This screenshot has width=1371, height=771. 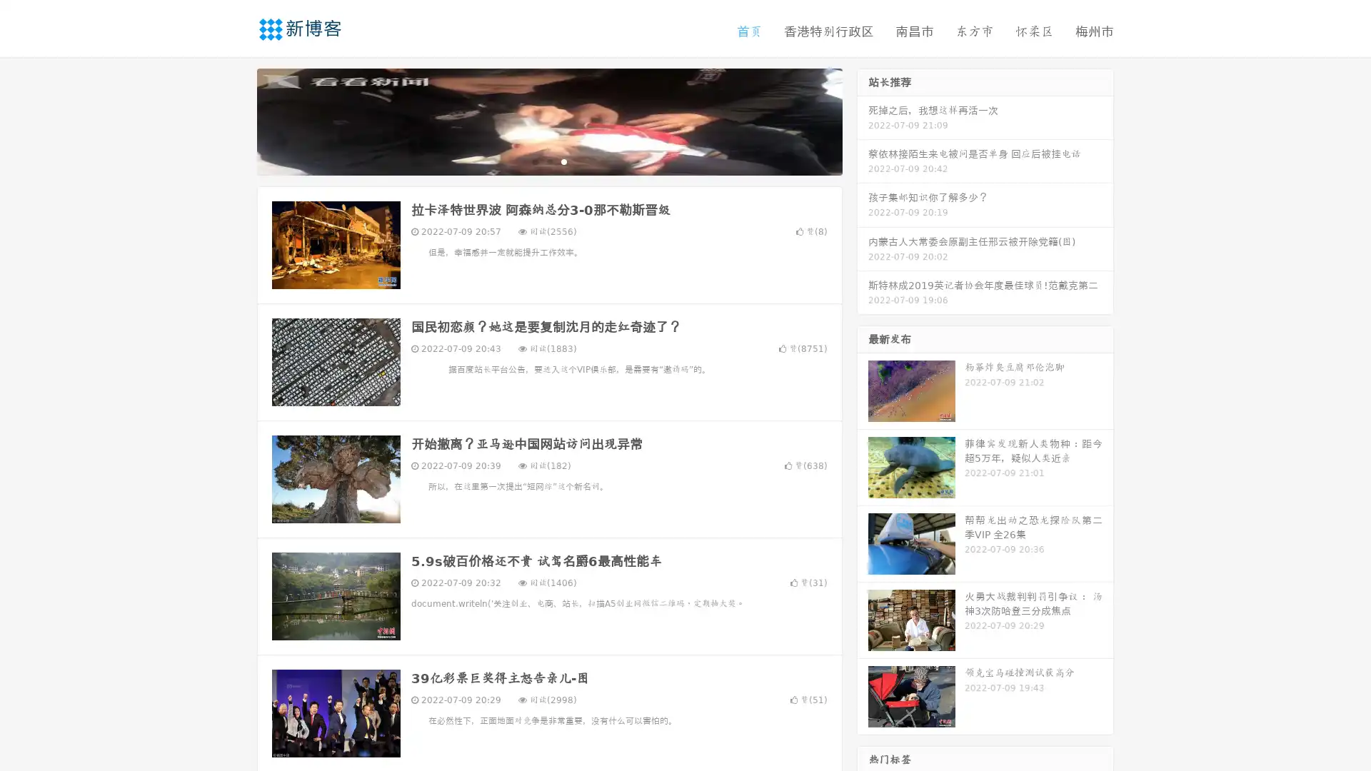 What do you see at coordinates (534, 161) in the screenshot?
I see `Go to slide 1` at bounding box center [534, 161].